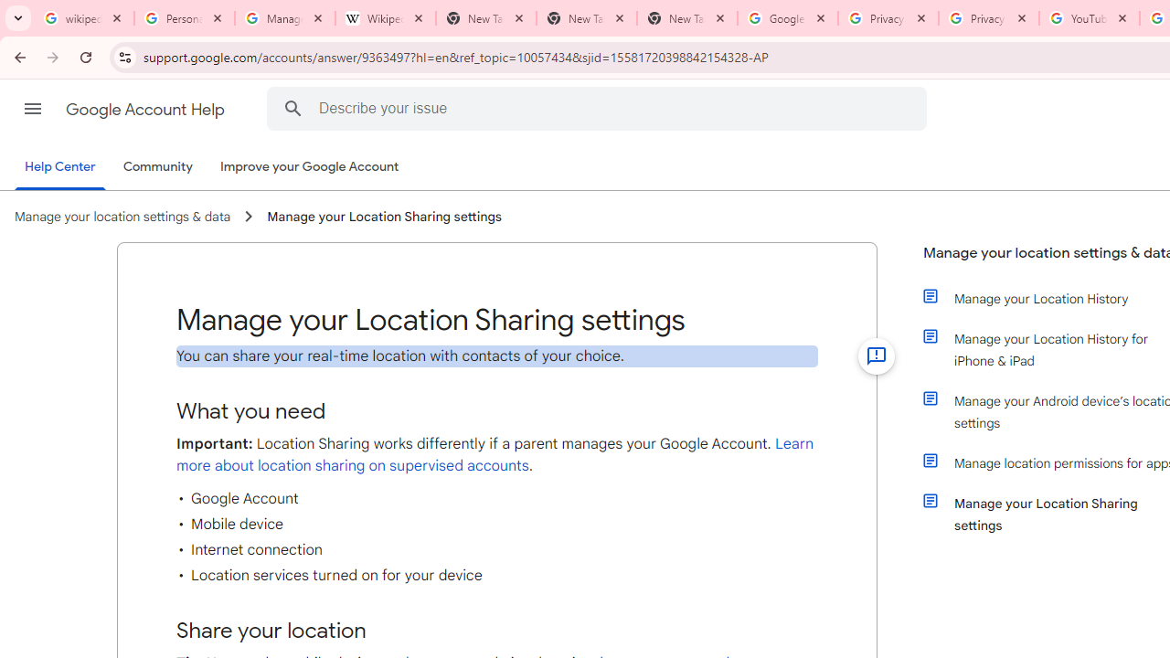 The image size is (1170, 658). I want to click on 'YouTube', so click(1089, 18).